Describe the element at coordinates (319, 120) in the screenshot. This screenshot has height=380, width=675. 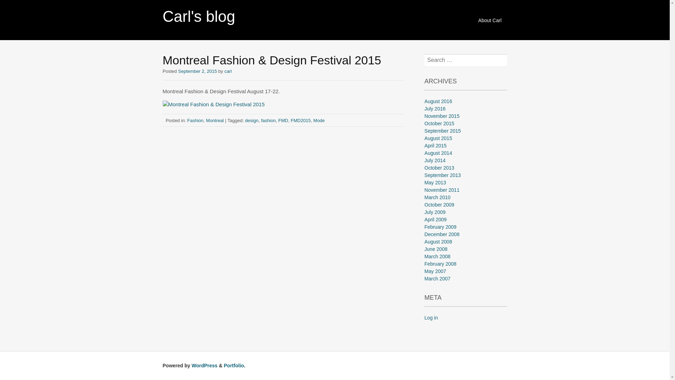
I see `'Mode'` at that location.